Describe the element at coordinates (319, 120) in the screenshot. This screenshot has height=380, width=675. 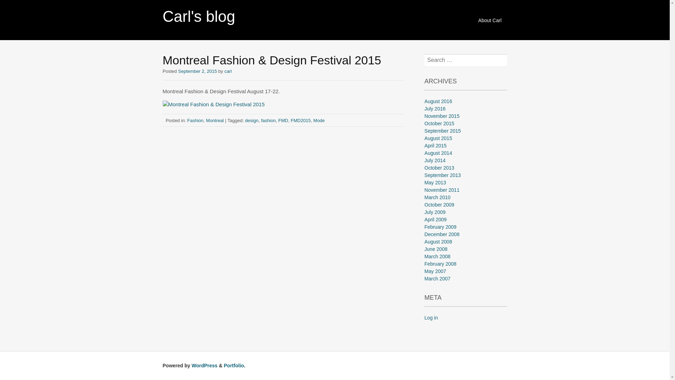
I see `'Mode'` at that location.